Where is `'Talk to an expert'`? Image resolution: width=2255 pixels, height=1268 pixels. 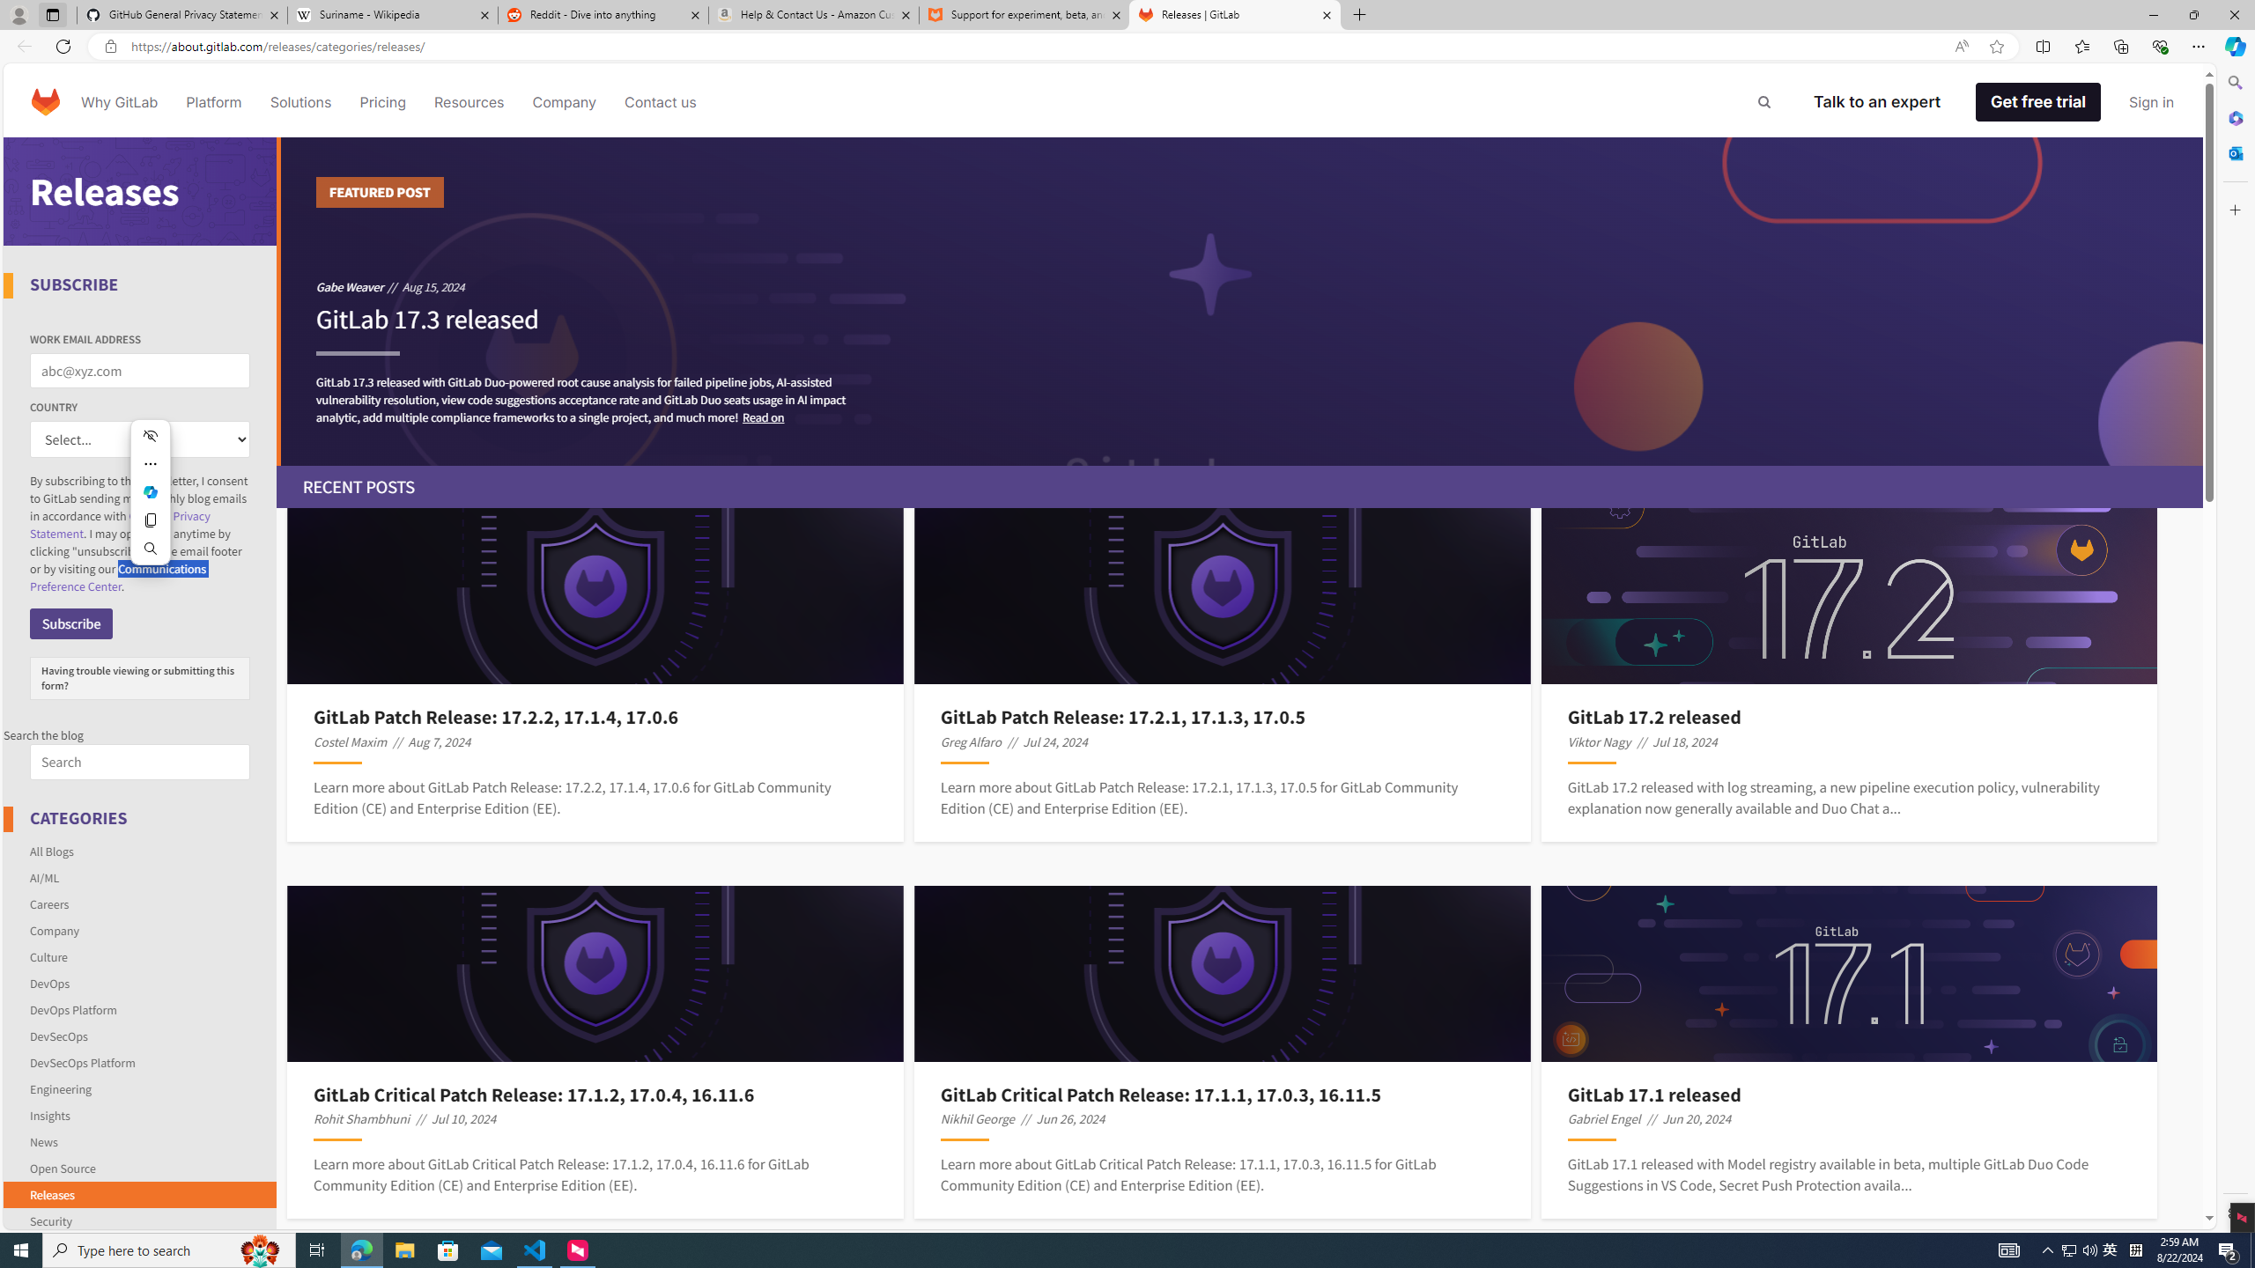 'Talk to an expert' is located at coordinates (1877, 100).